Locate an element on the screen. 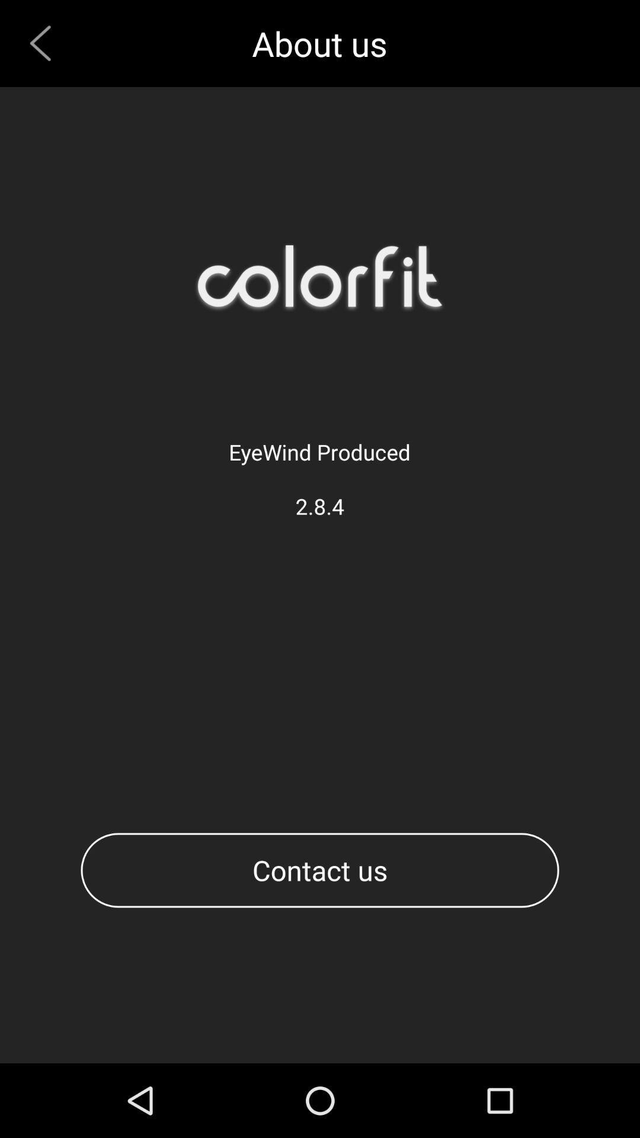  item below 2.8.4 icon is located at coordinates (320, 870).